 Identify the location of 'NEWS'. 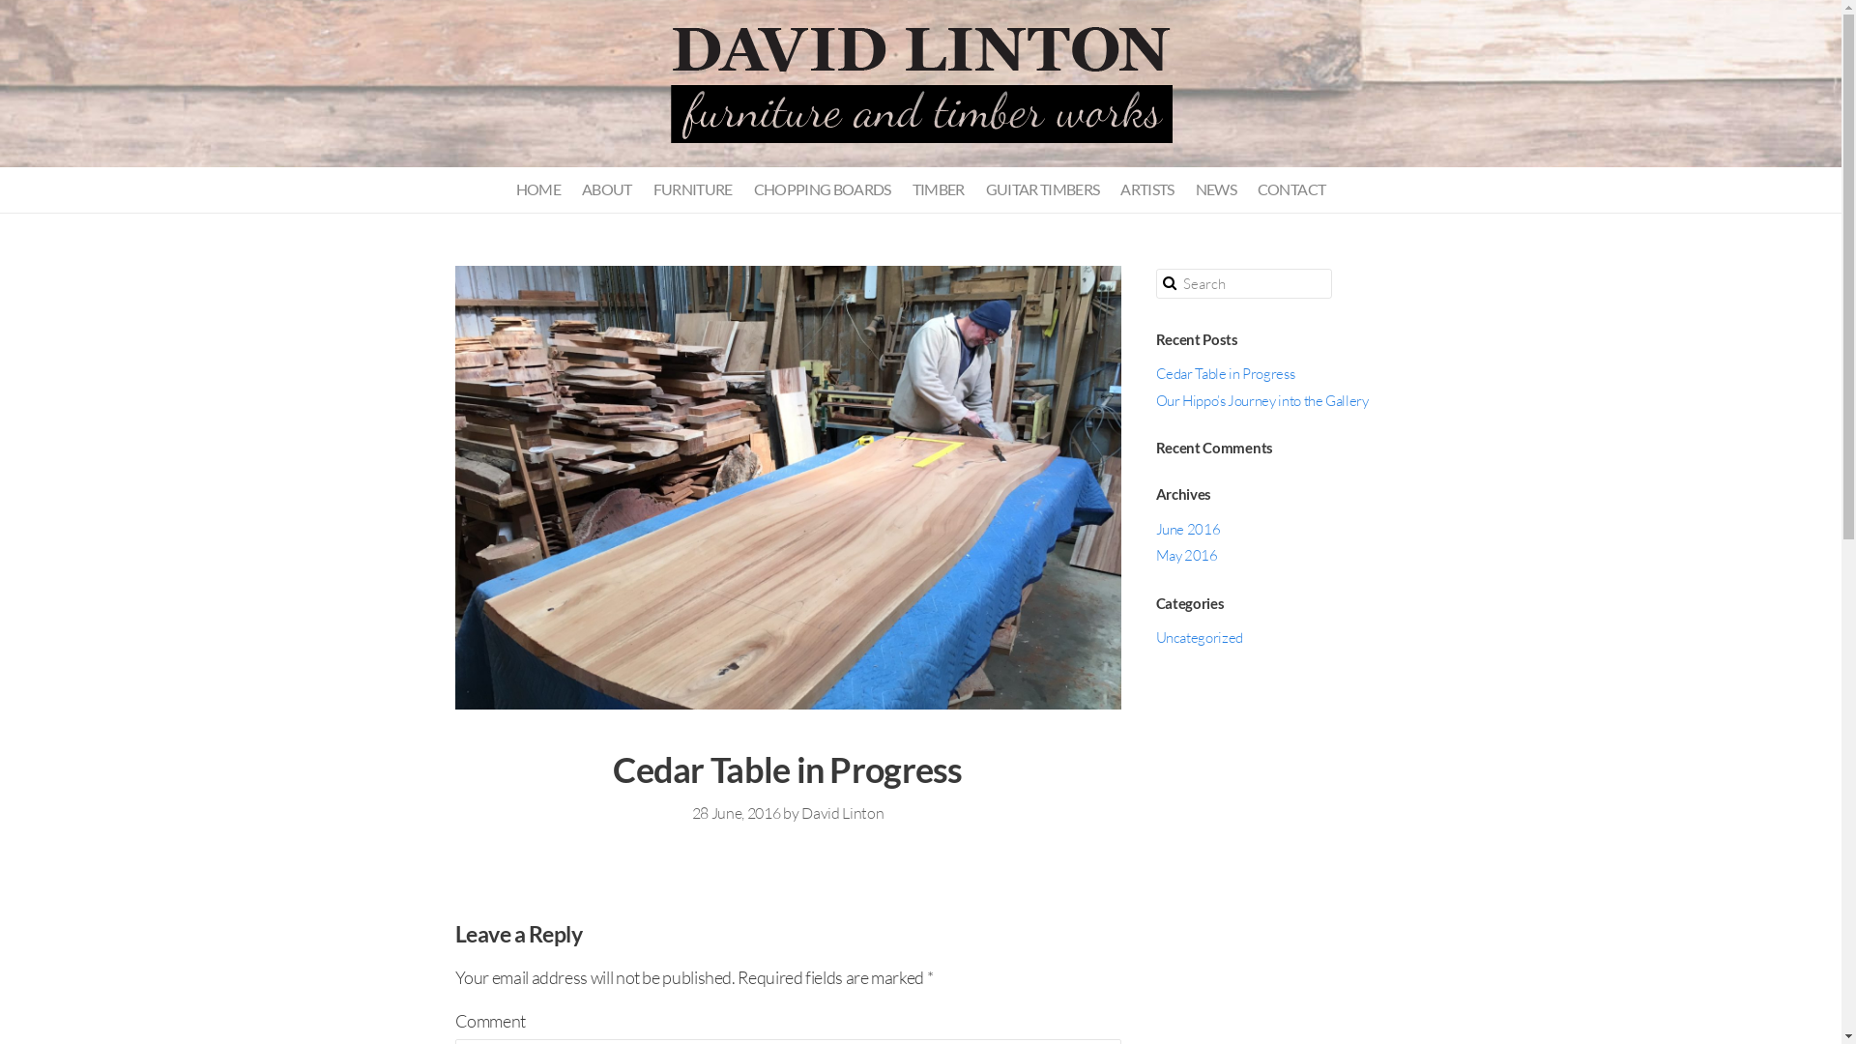
(1214, 189).